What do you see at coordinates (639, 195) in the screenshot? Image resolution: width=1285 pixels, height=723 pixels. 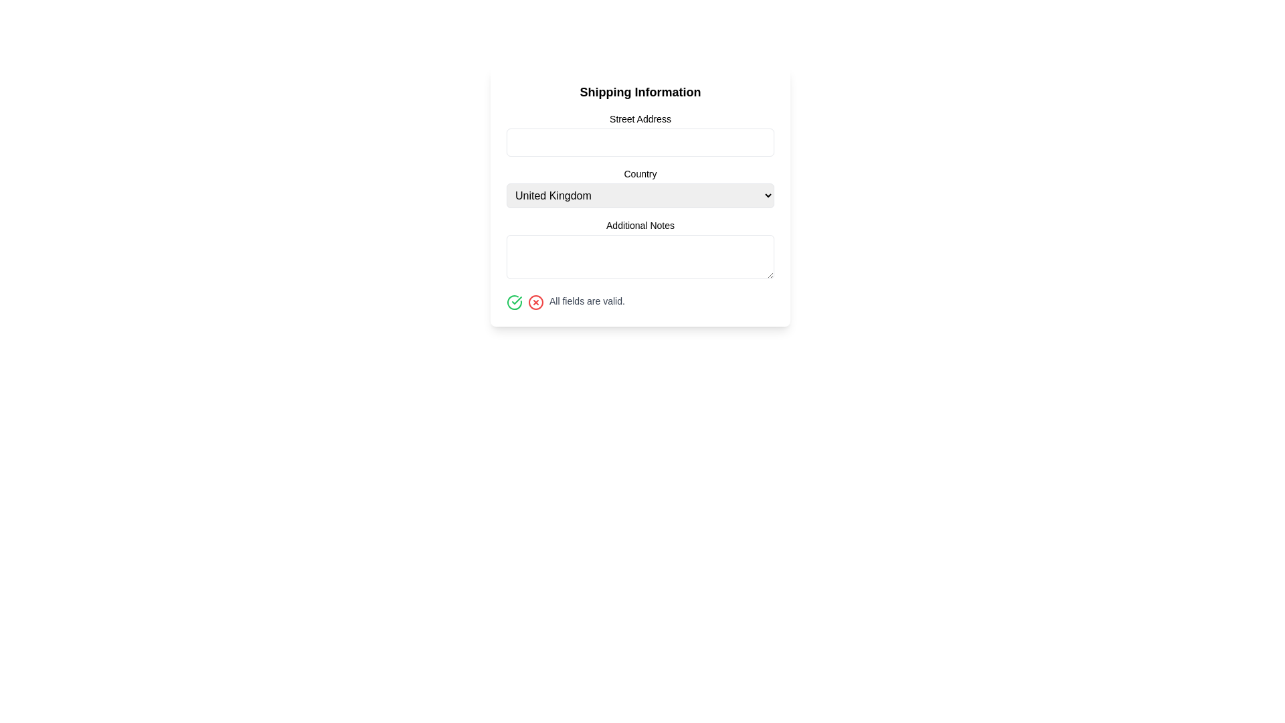 I see `the dropdown menu displaying 'United Kingdom'` at bounding box center [639, 195].